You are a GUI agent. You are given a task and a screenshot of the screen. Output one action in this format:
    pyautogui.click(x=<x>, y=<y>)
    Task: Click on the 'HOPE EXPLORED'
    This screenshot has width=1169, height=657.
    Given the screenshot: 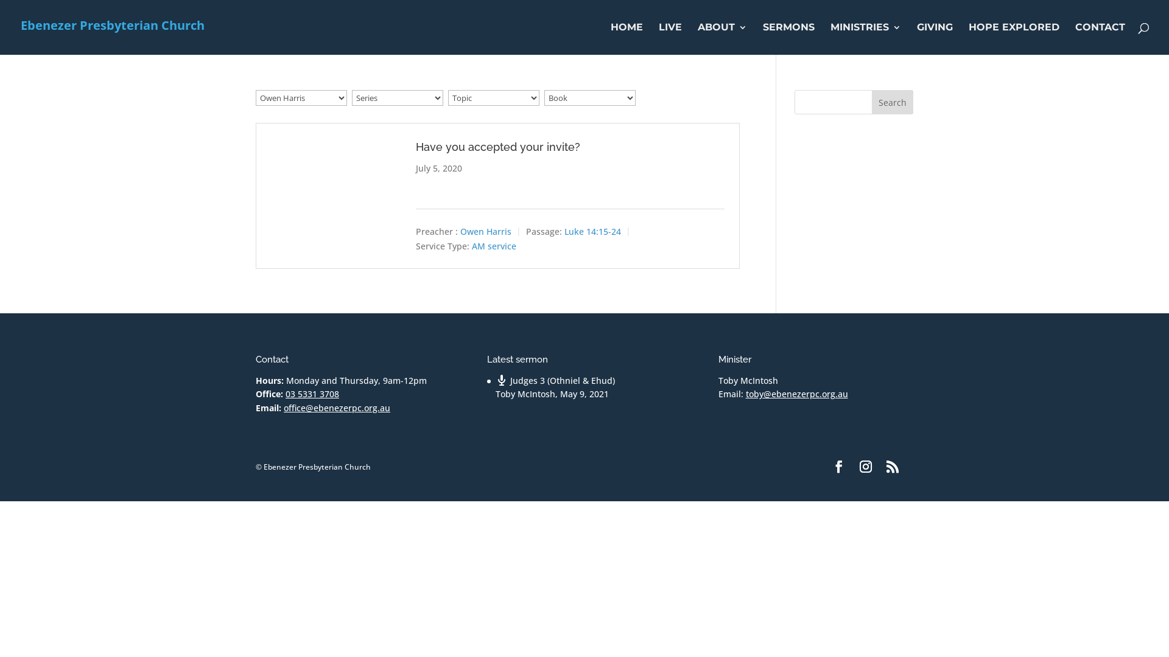 What is the action you would take?
    pyautogui.click(x=1014, y=38)
    